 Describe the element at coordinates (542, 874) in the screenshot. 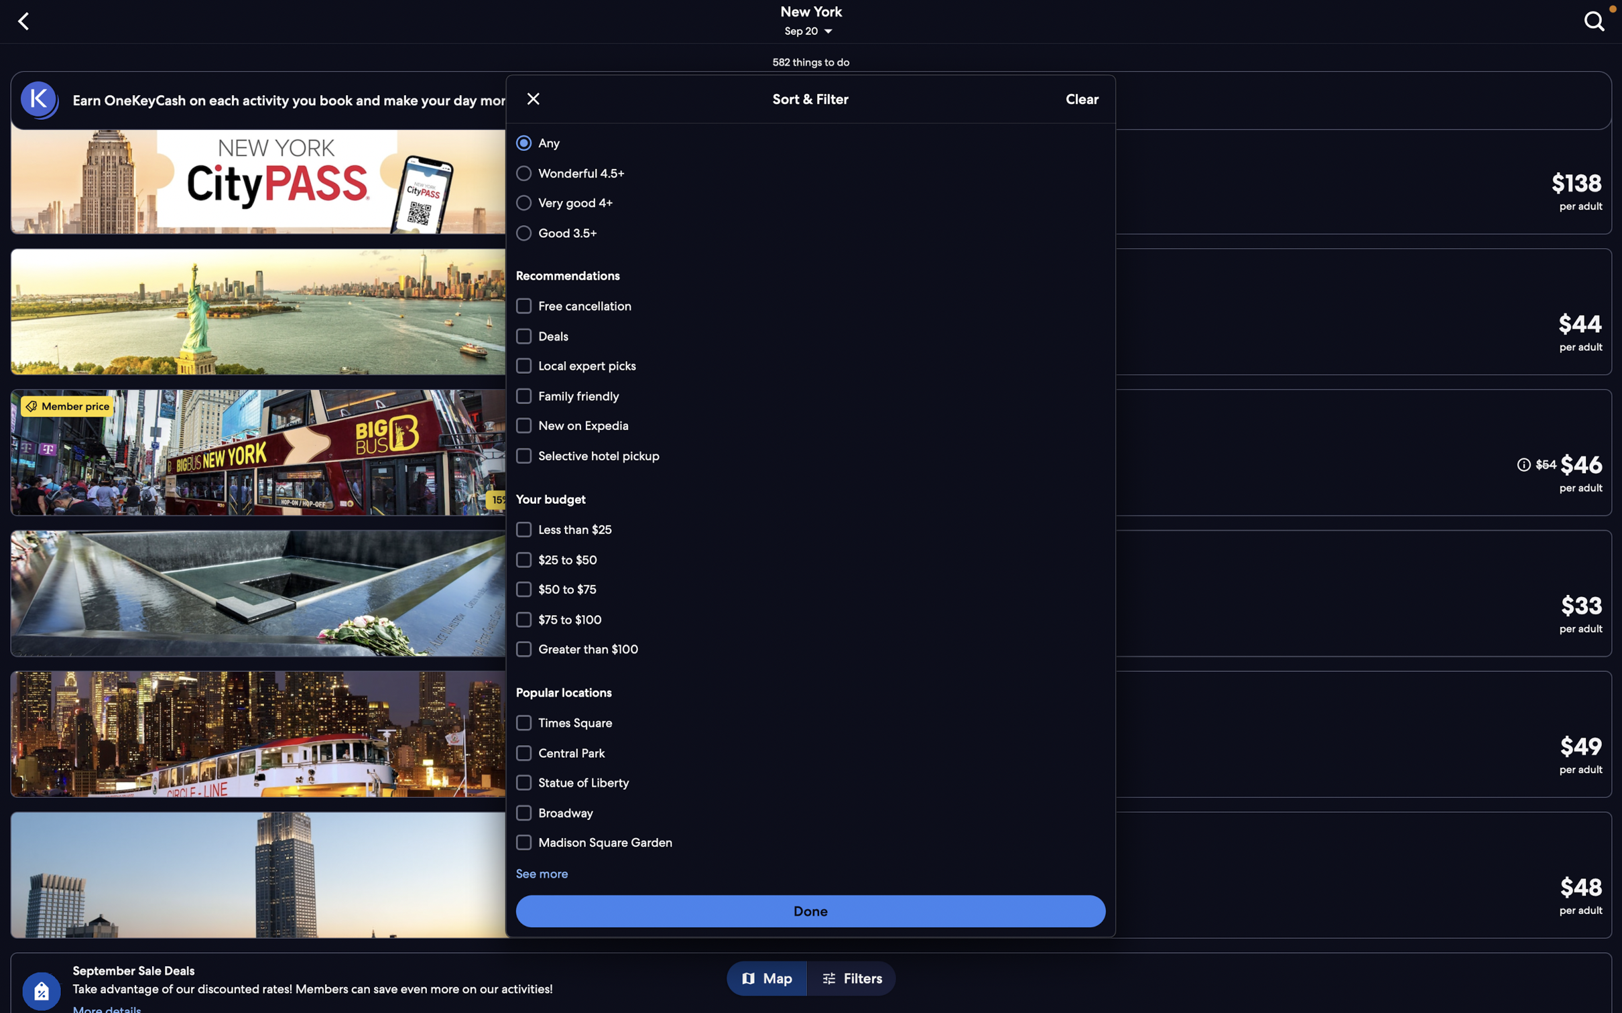

I see `"see more" option` at that location.